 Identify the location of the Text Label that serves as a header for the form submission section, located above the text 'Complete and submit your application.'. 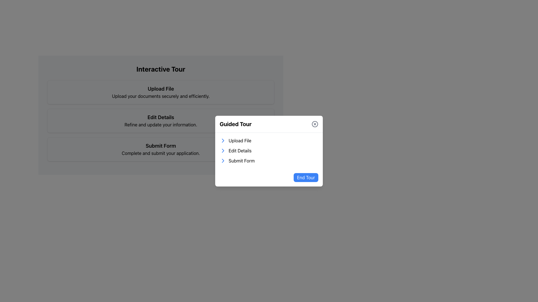
(161, 145).